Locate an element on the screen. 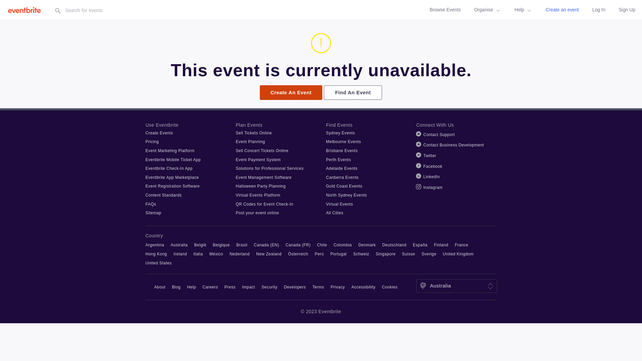 This screenshot has height=361, width=642. 'Canberra Events' is located at coordinates (342, 177).